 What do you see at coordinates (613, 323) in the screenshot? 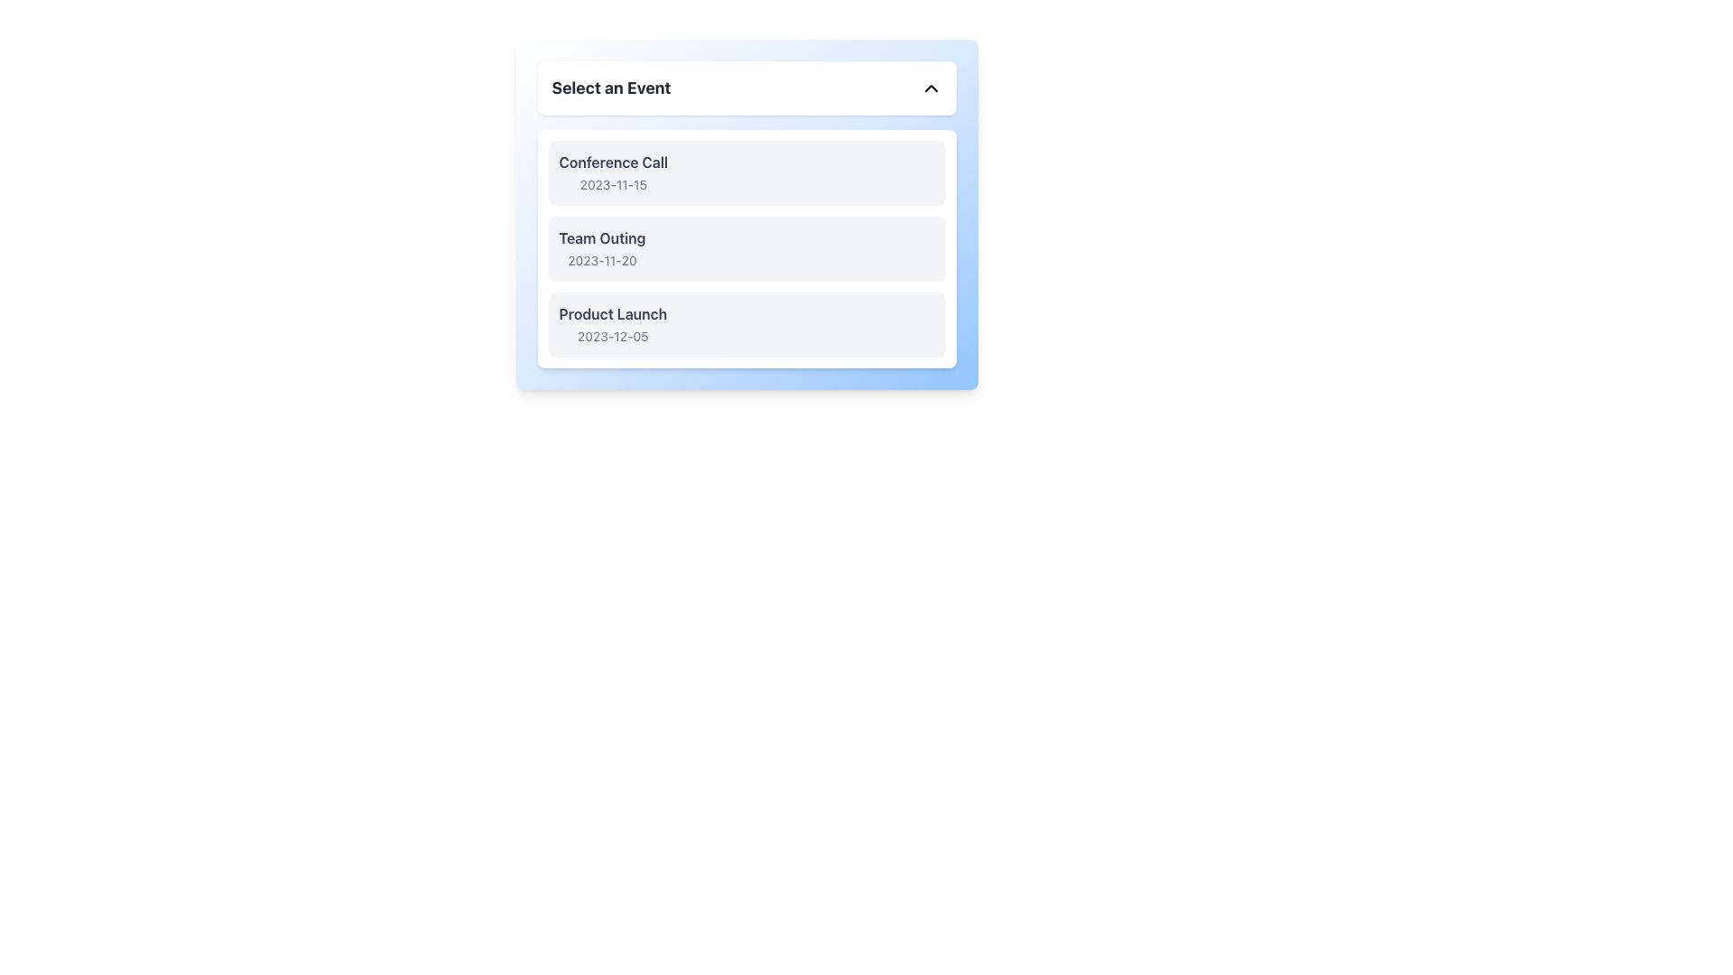
I see `to select the 'Product Launch' event card, which features bold gray text for the title and a lighter gray date below it, positioned as the third item in a vertical list of selectable cards` at bounding box center [613, 323].